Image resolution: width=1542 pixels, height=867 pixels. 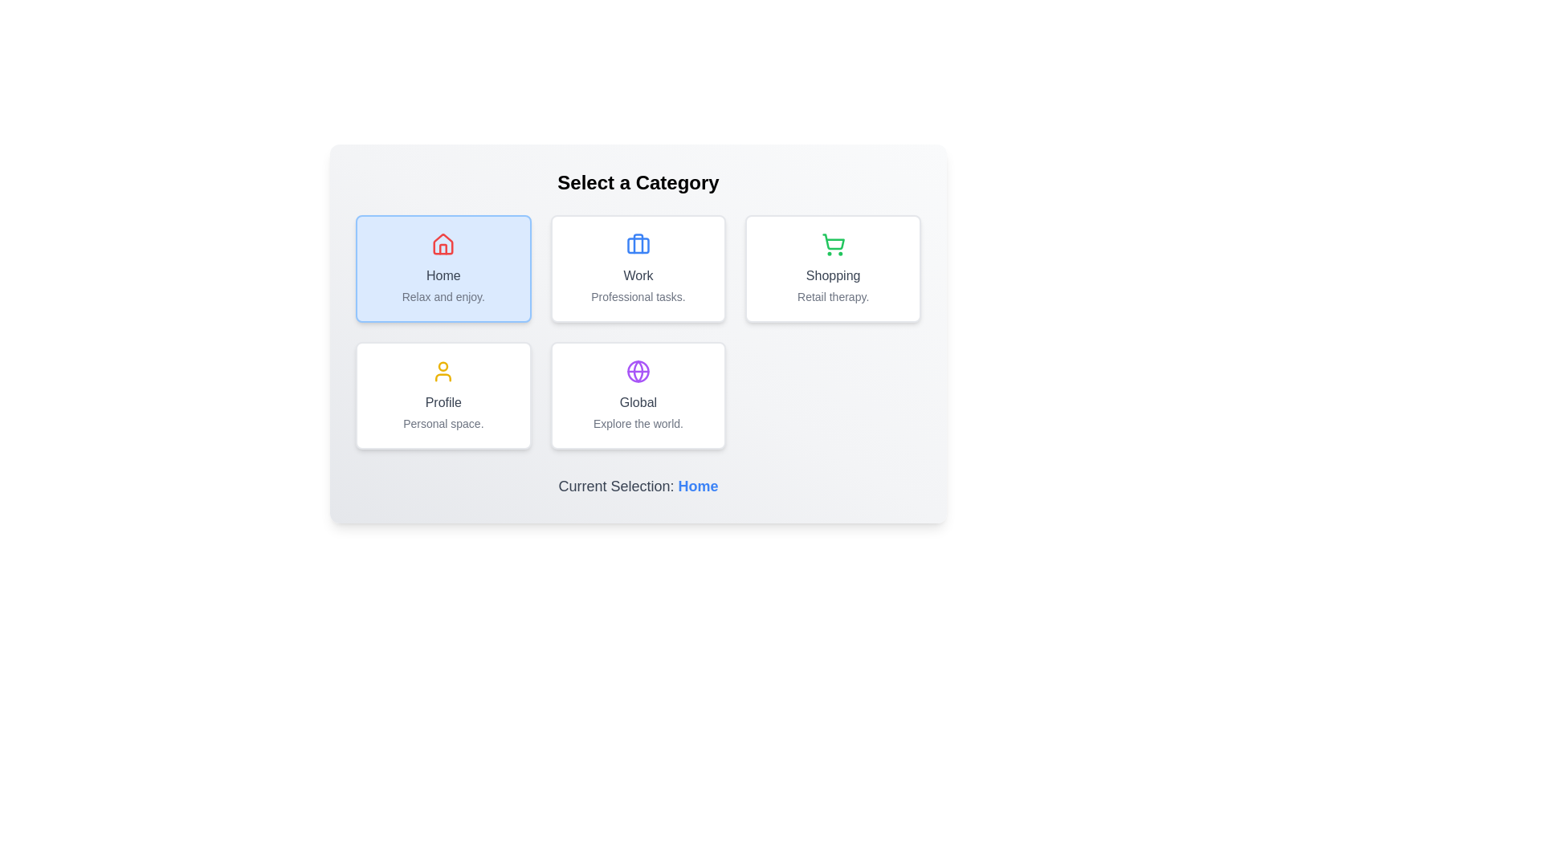 What do you see at coordinates (443, 396) in the screenshot?
I see `the category button for Profile` at bounding box center [443, 396].